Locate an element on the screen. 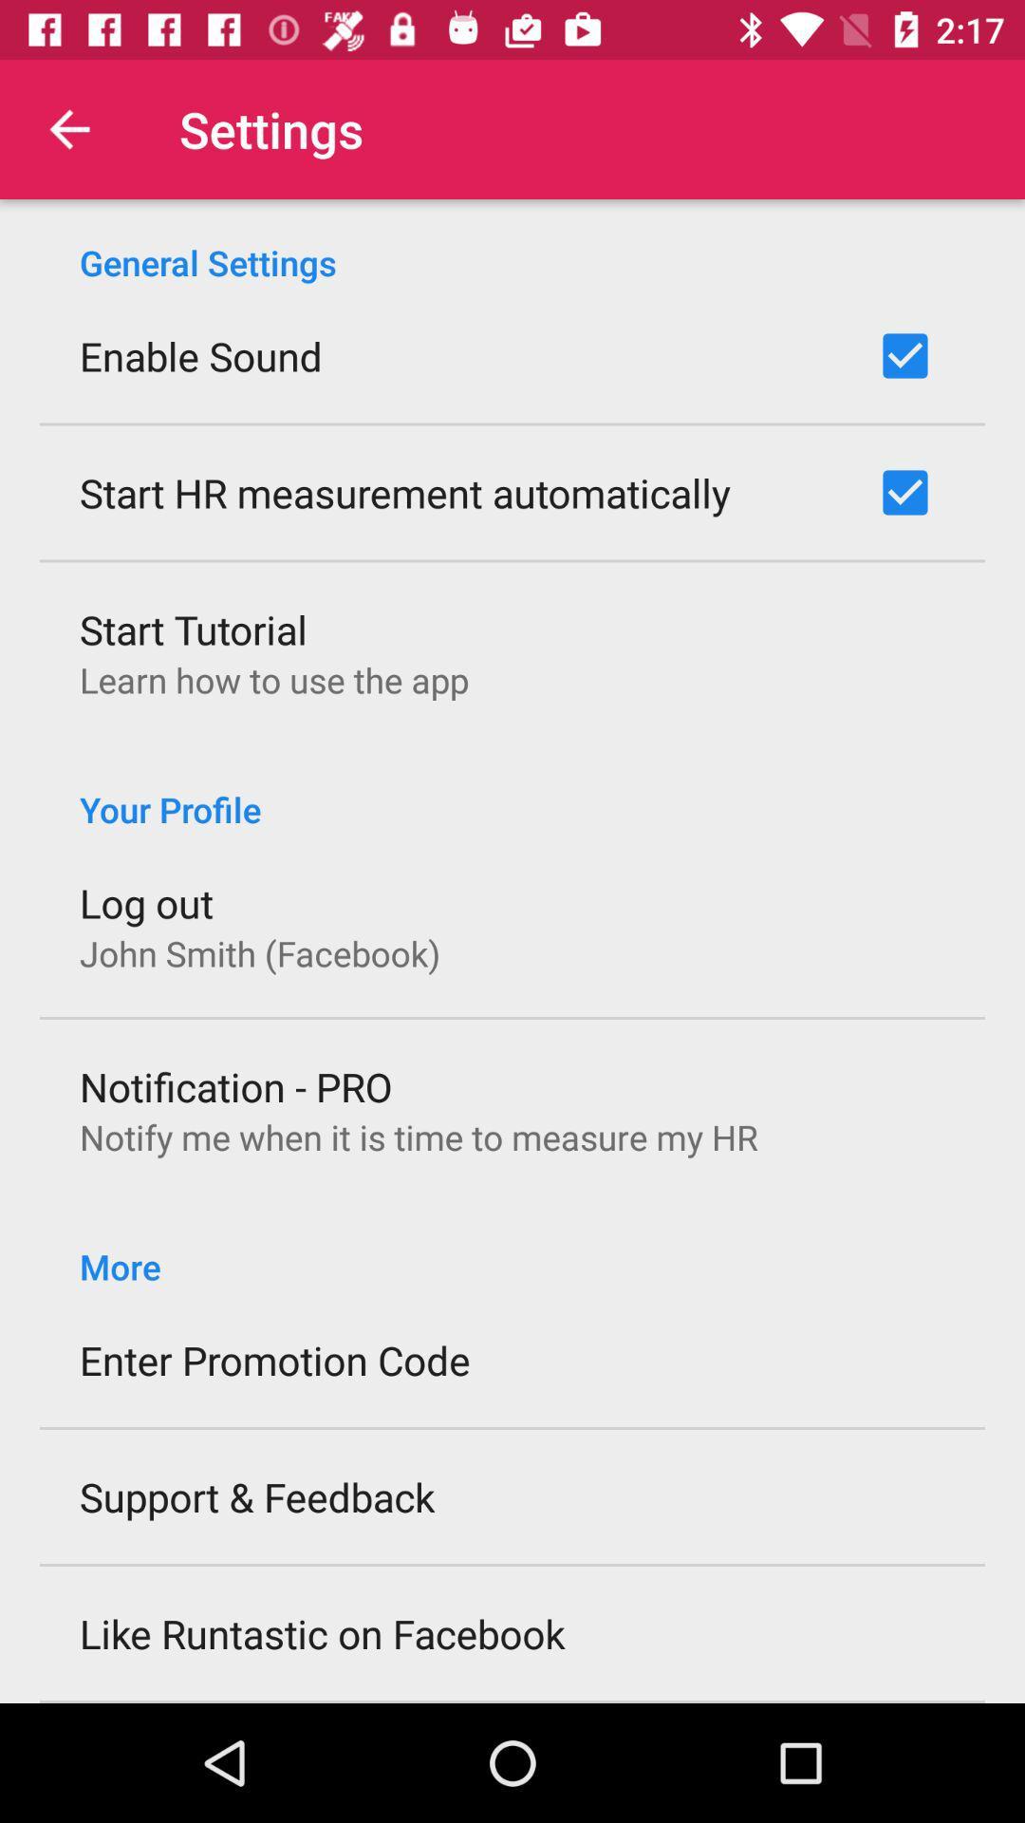 This screenshot has width=1025, height=1823. item above the general settings icon is located at coordinates (68, 128).